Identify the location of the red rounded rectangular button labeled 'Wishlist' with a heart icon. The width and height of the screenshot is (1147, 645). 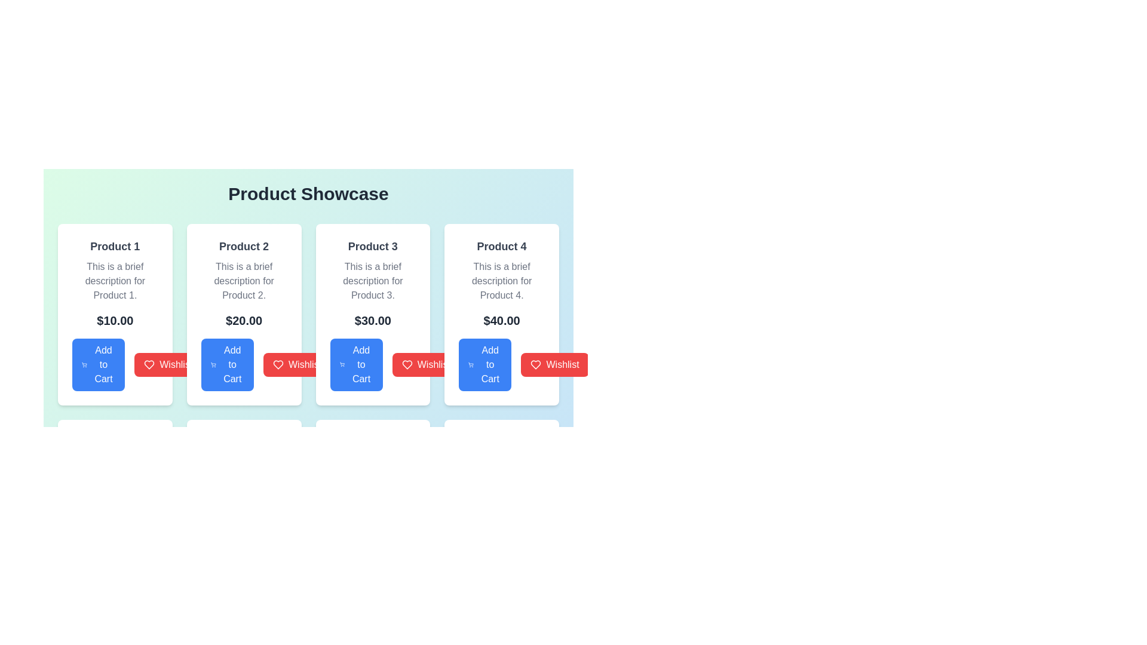
(426, 364).